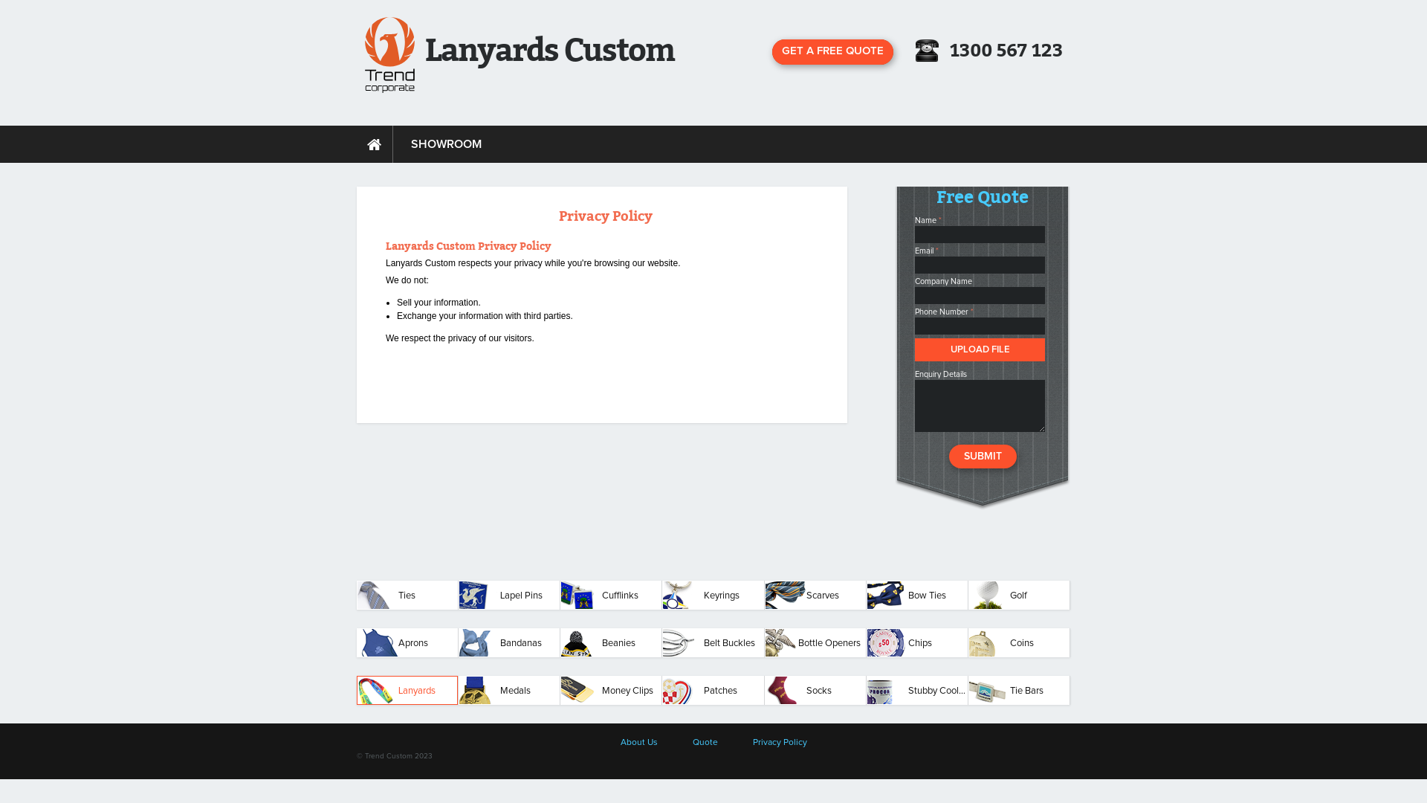 This screenshot has width=1427, height=803. I want to click on 'Quote', so click(705, 743).